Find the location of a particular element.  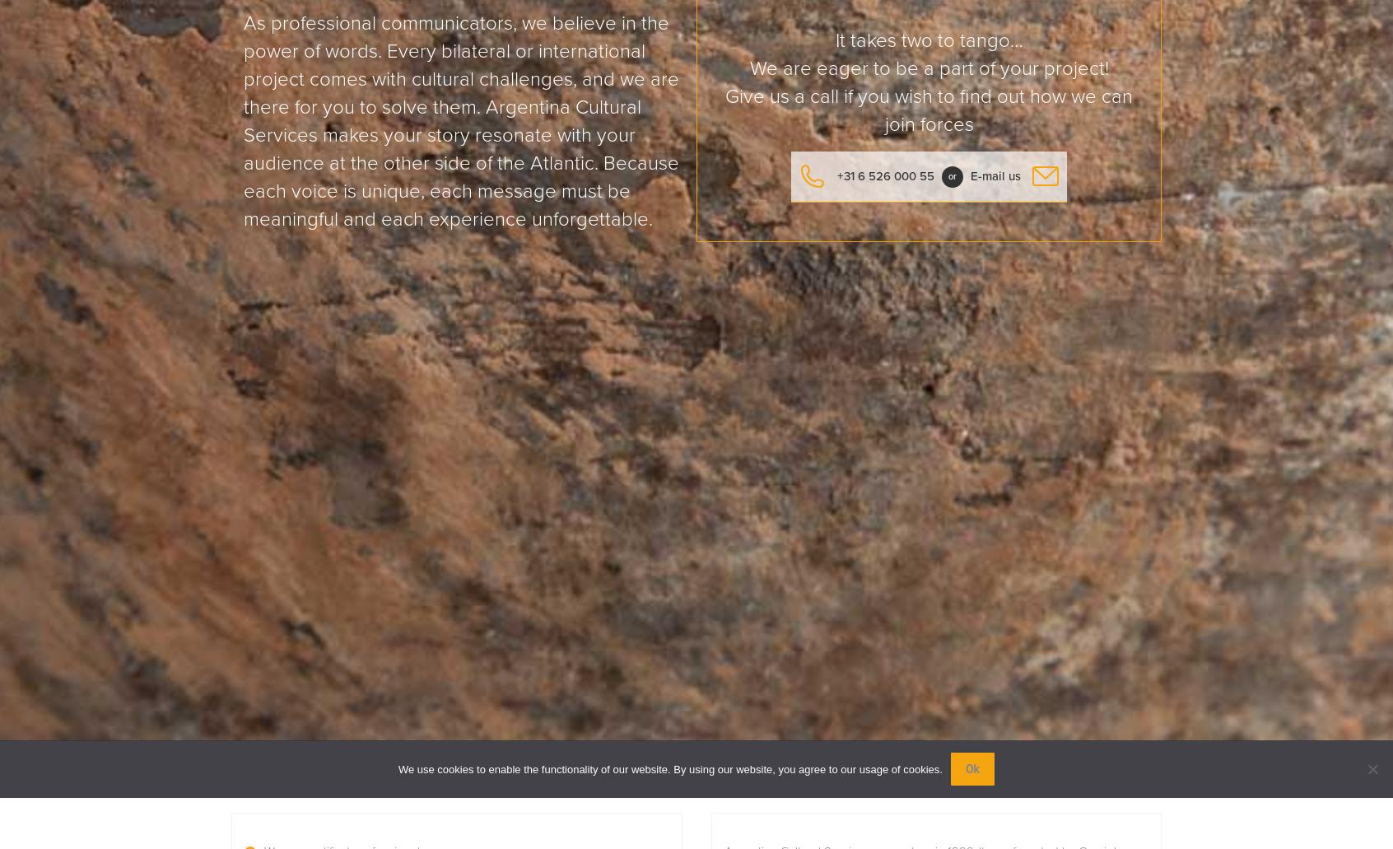

'The Netherlands' is located at coordinates (600, 515).